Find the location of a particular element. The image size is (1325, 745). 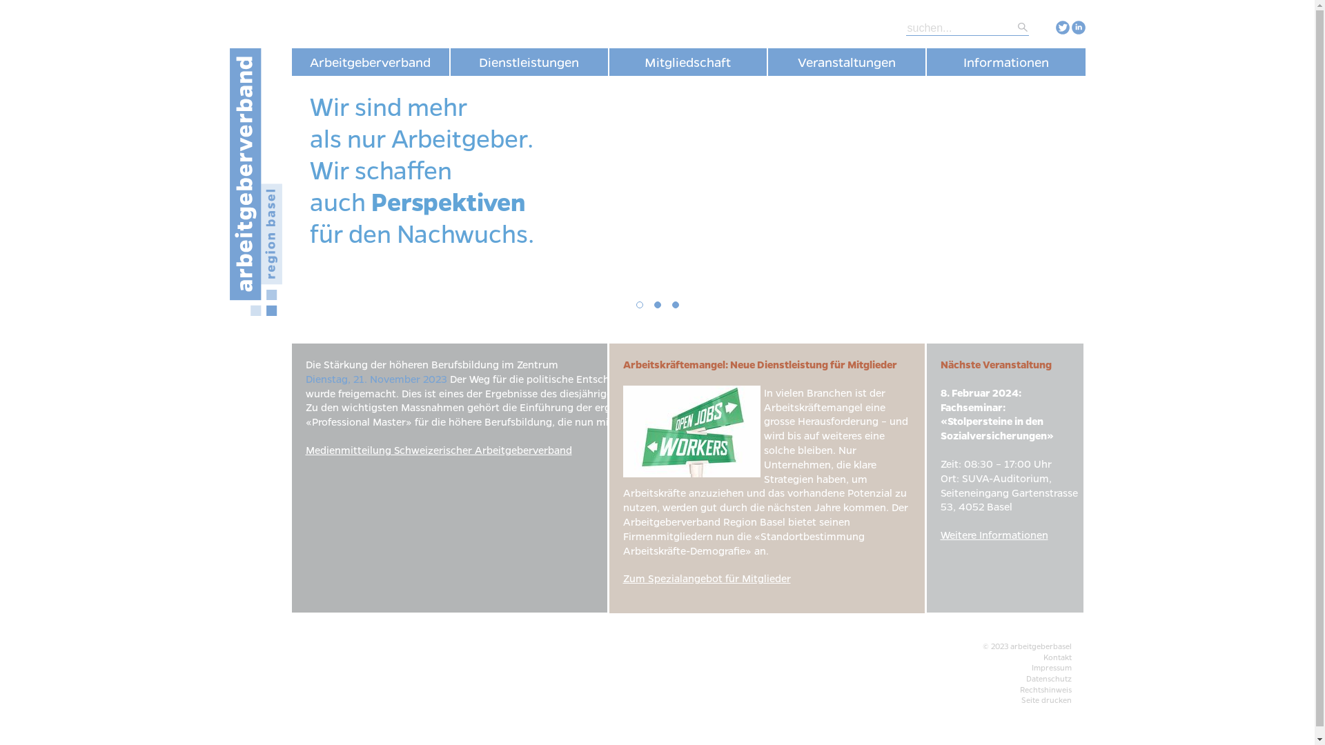

'Datenschutz' is located at coordinates (1048, 677).